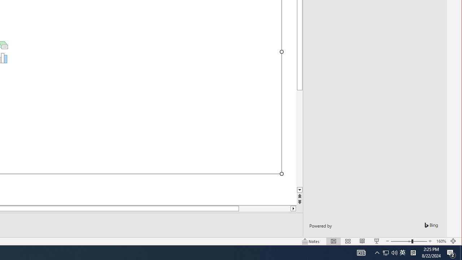 This screenshot has height=260, width=462. I want to click on 'Zoom 160%', so click(441, 241).